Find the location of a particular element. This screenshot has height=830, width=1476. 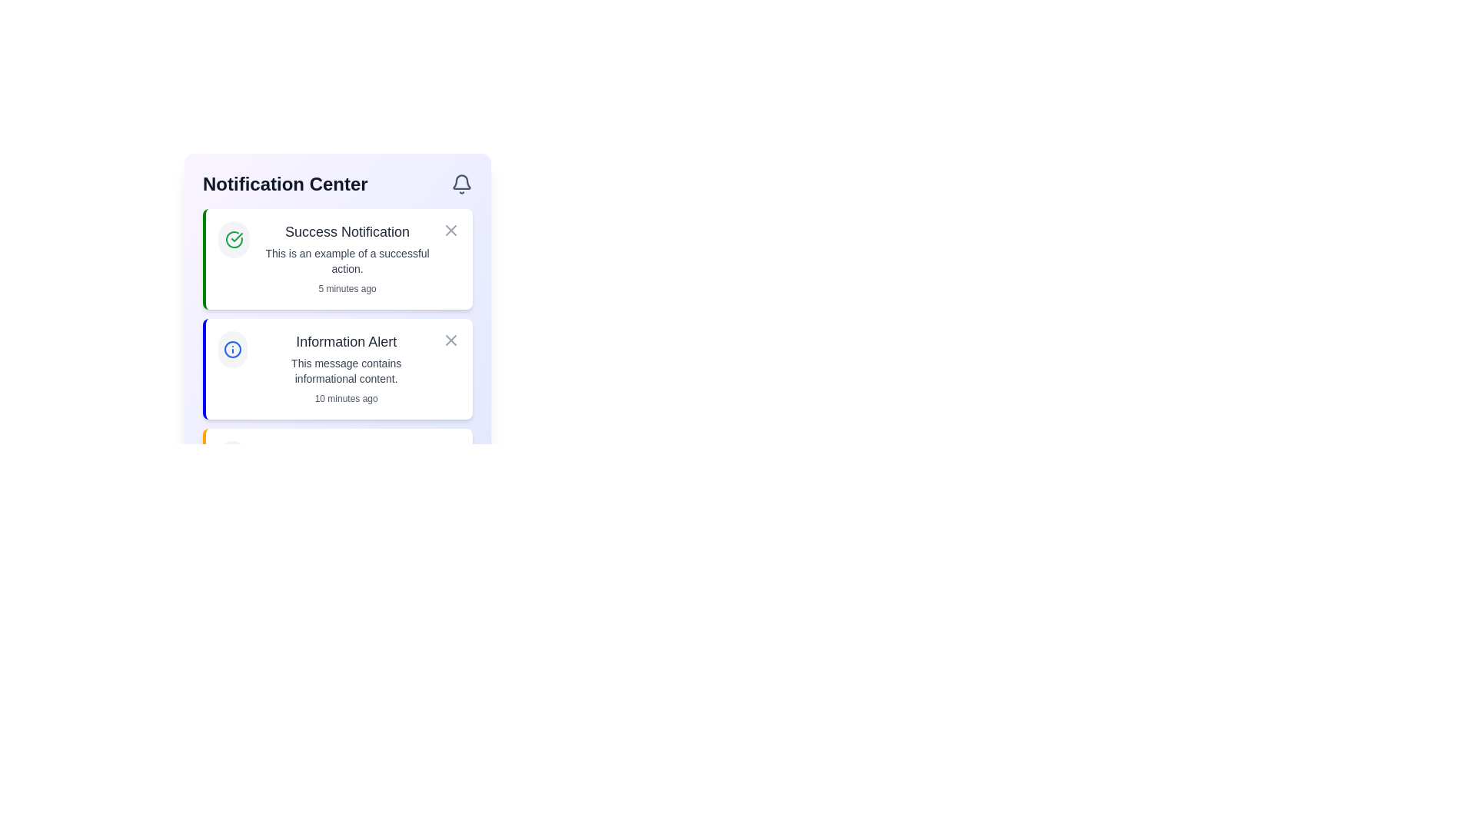

the 'Notification Center' header section, which includes bold text on the left and a bell icon on the right is located at coordinates (337, 183).